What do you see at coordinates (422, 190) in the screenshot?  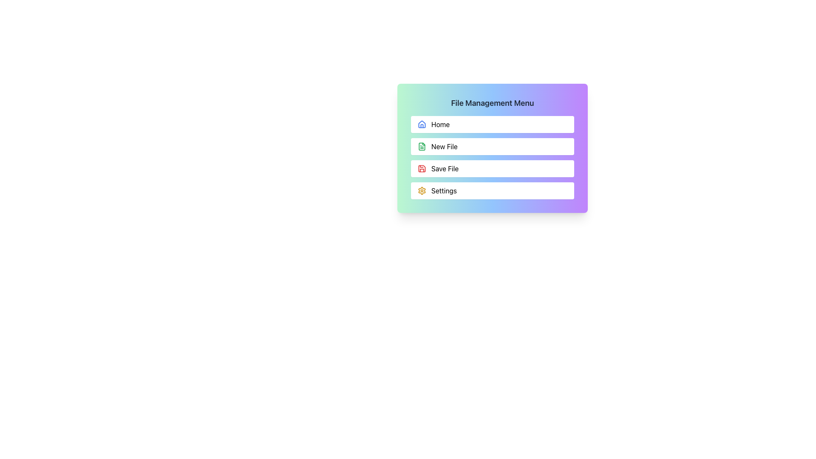 I see `the gear icon located at the bottom of the list of icons, aligned to the right of the 'Settings' label` at bounding box center [422, 190].